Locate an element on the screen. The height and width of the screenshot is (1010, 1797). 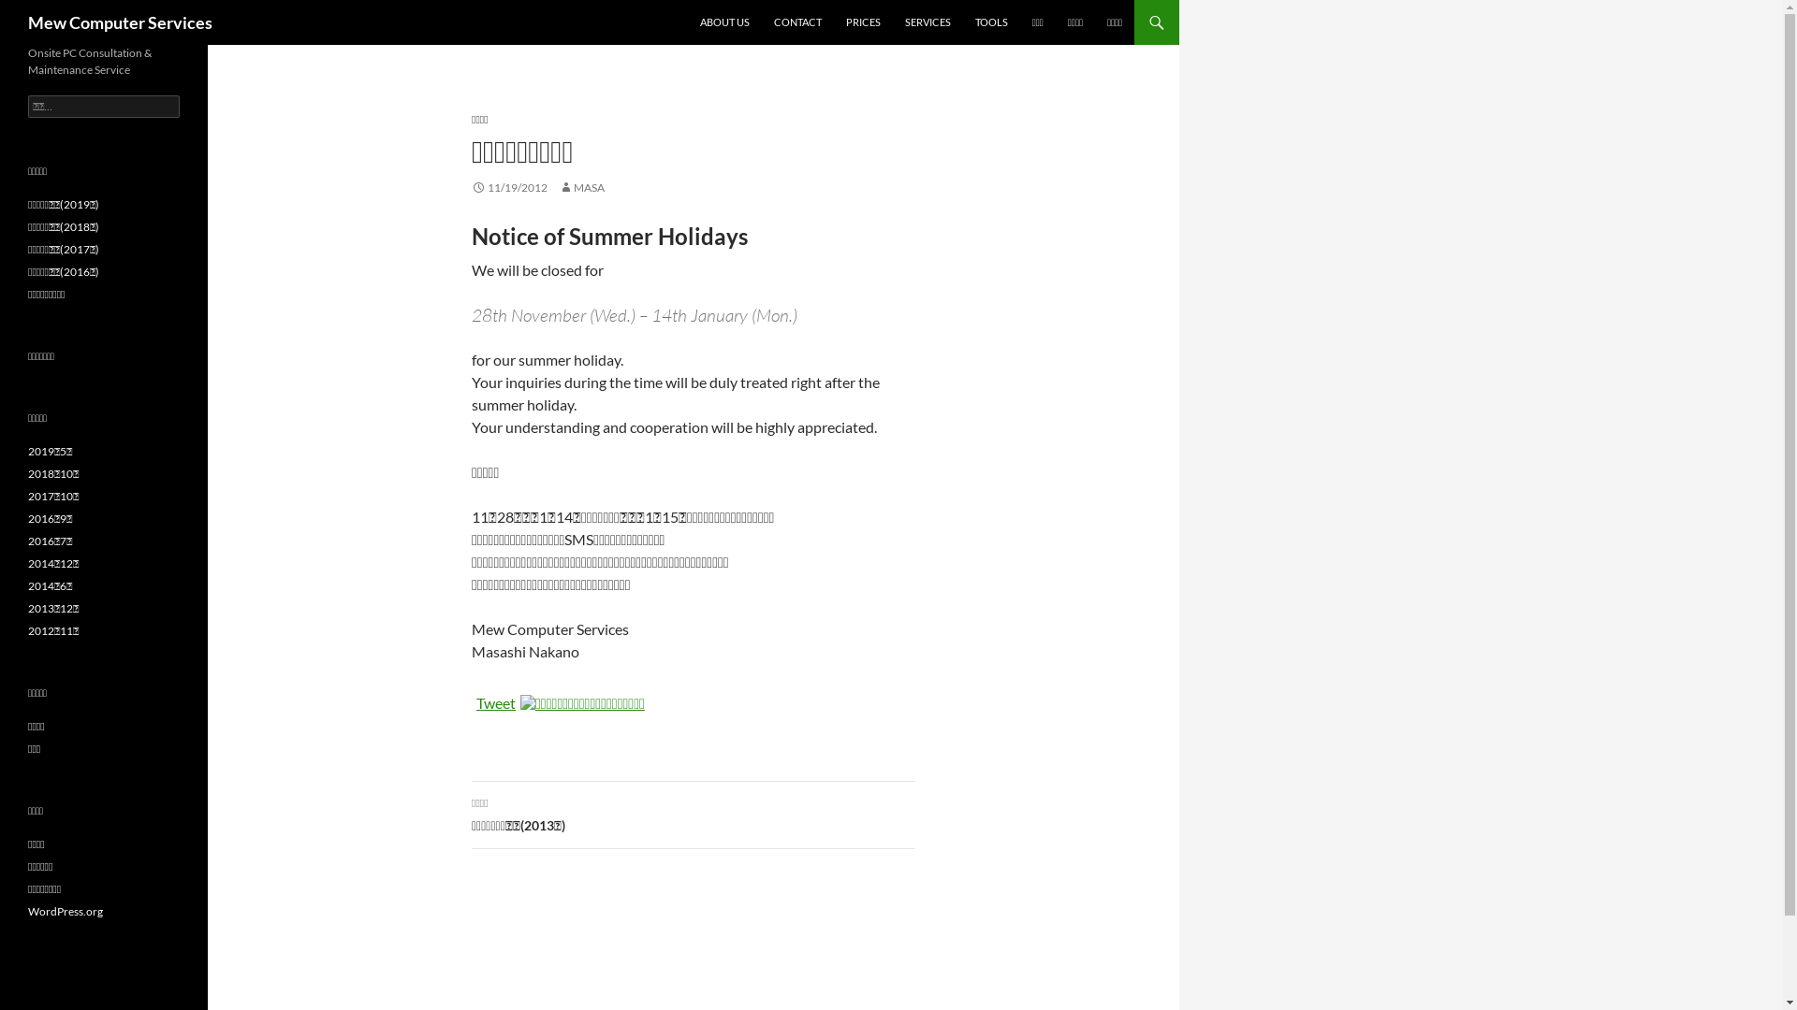
'PRICES' is located at coordinates (862, 22).